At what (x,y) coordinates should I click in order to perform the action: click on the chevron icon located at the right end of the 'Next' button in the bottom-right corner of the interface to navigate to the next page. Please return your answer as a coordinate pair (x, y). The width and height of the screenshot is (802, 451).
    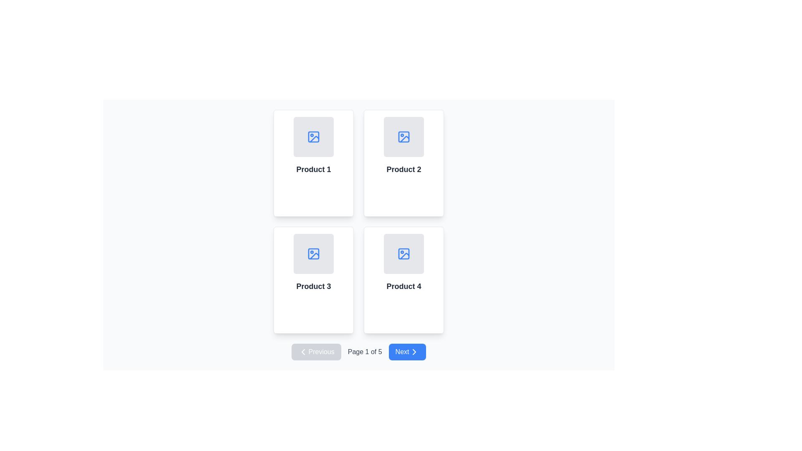
    Looking at the image, I should click on (414, 352).